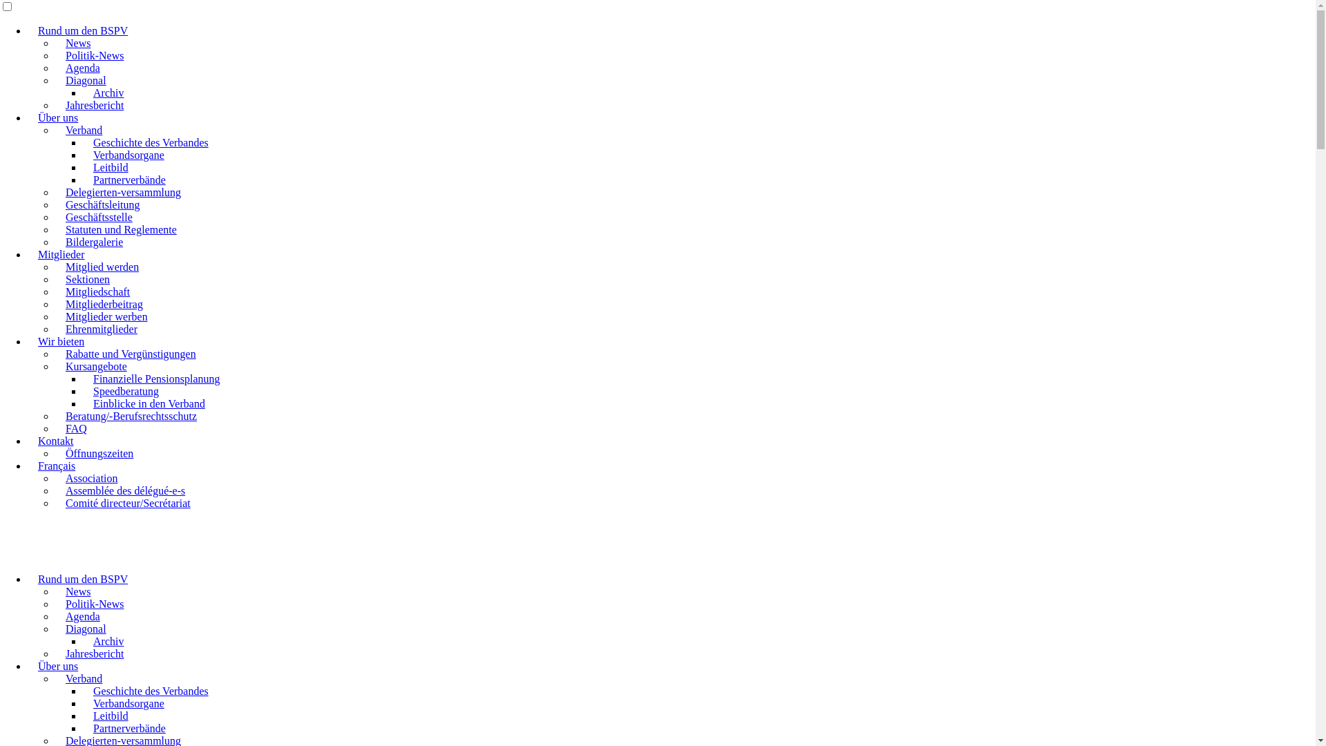  I want to click on 'Mitglied werden', so click(55, 267).